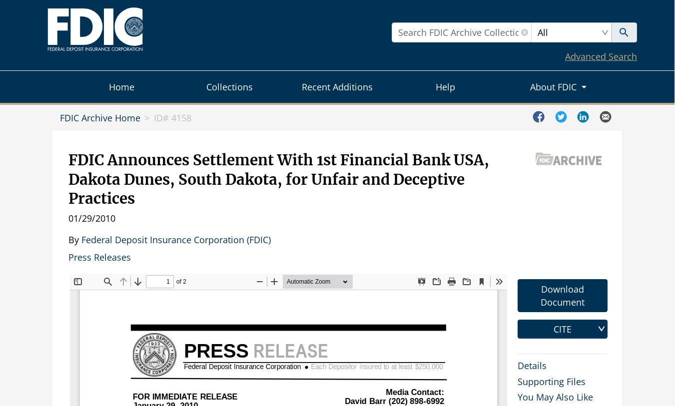 Image resolution: width=675 pixels, height=406 pixels. I want to click on 'FDIC Archive Home', so click(99, 117).